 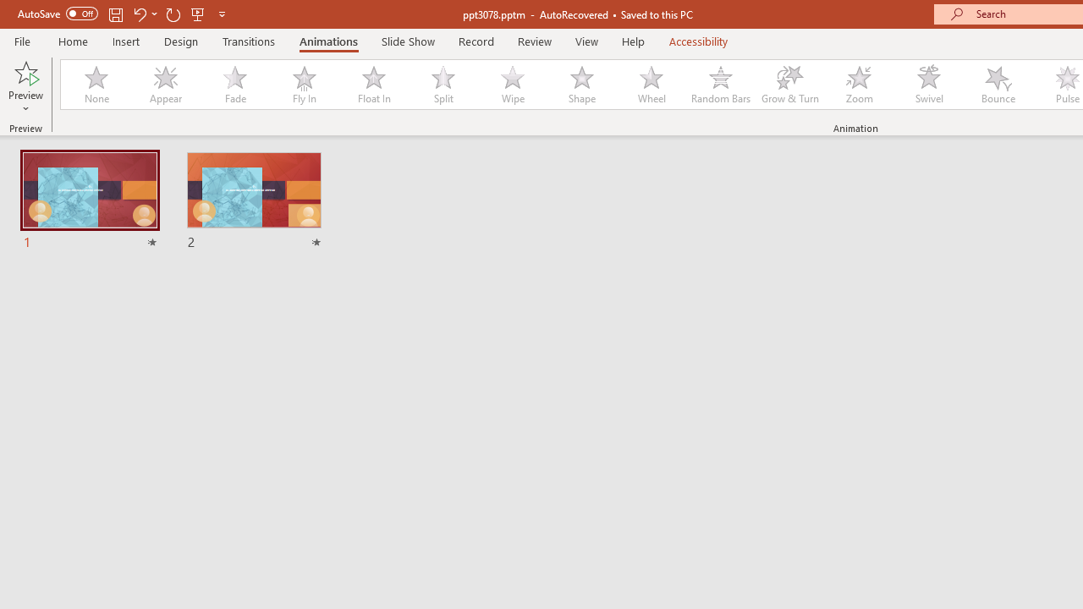 I want to click on 'Split', so click(x=443, y=85).